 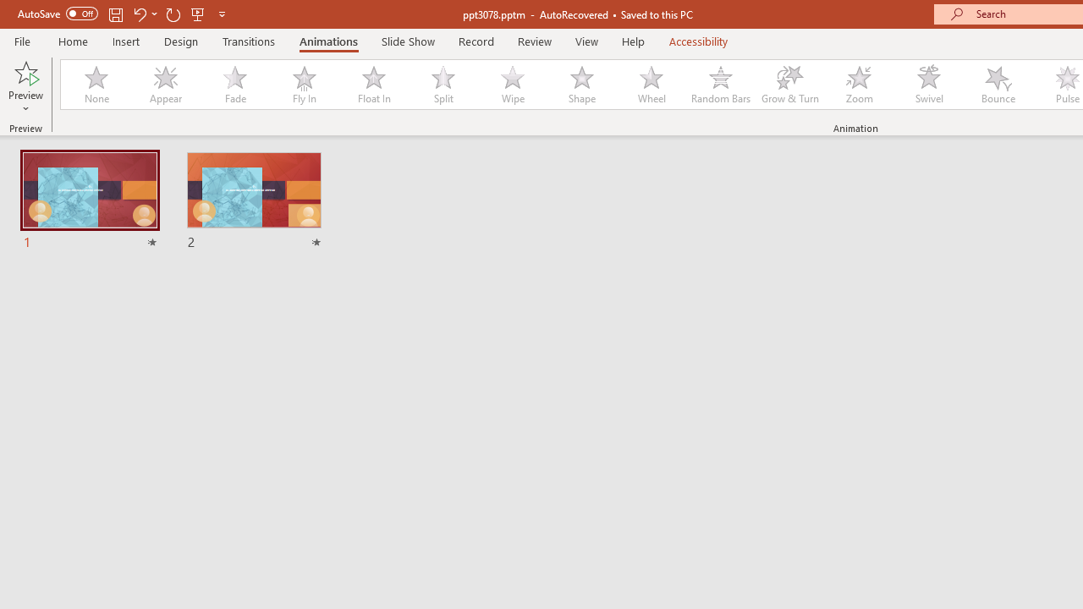 I want to click on 'Split', so click(x=443, y=85).